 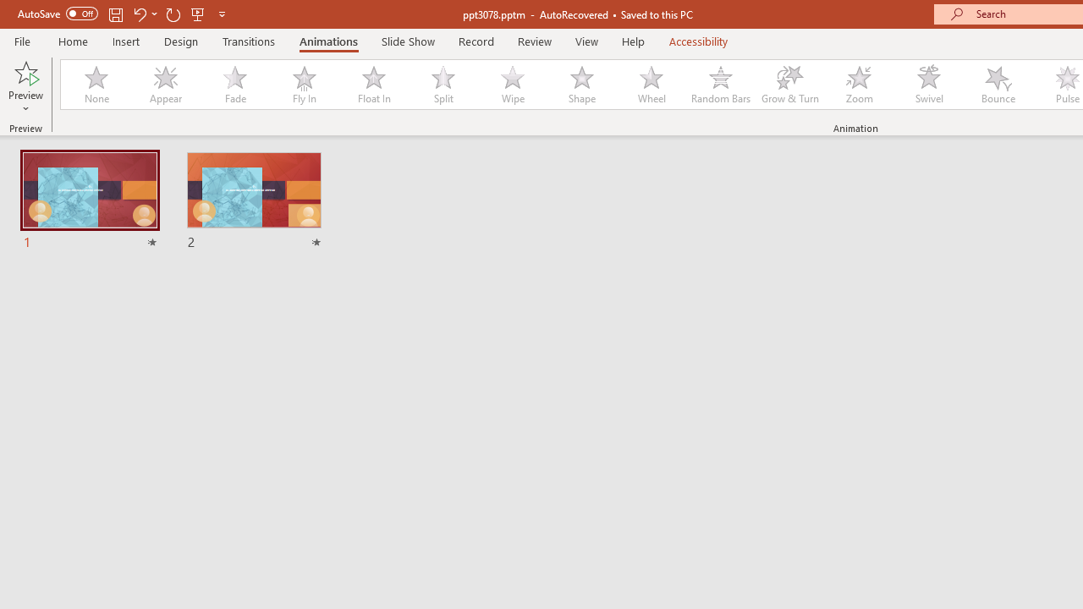 I want to click on 'Split', so click(x=443, y=85).